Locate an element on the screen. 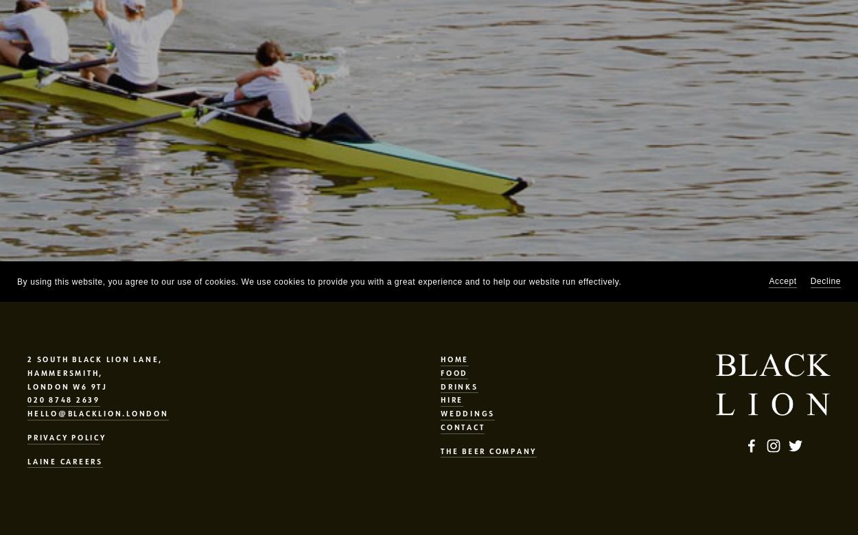 This screenshot has height=535, width=858. 'food' is located at coordinates (454, 372).